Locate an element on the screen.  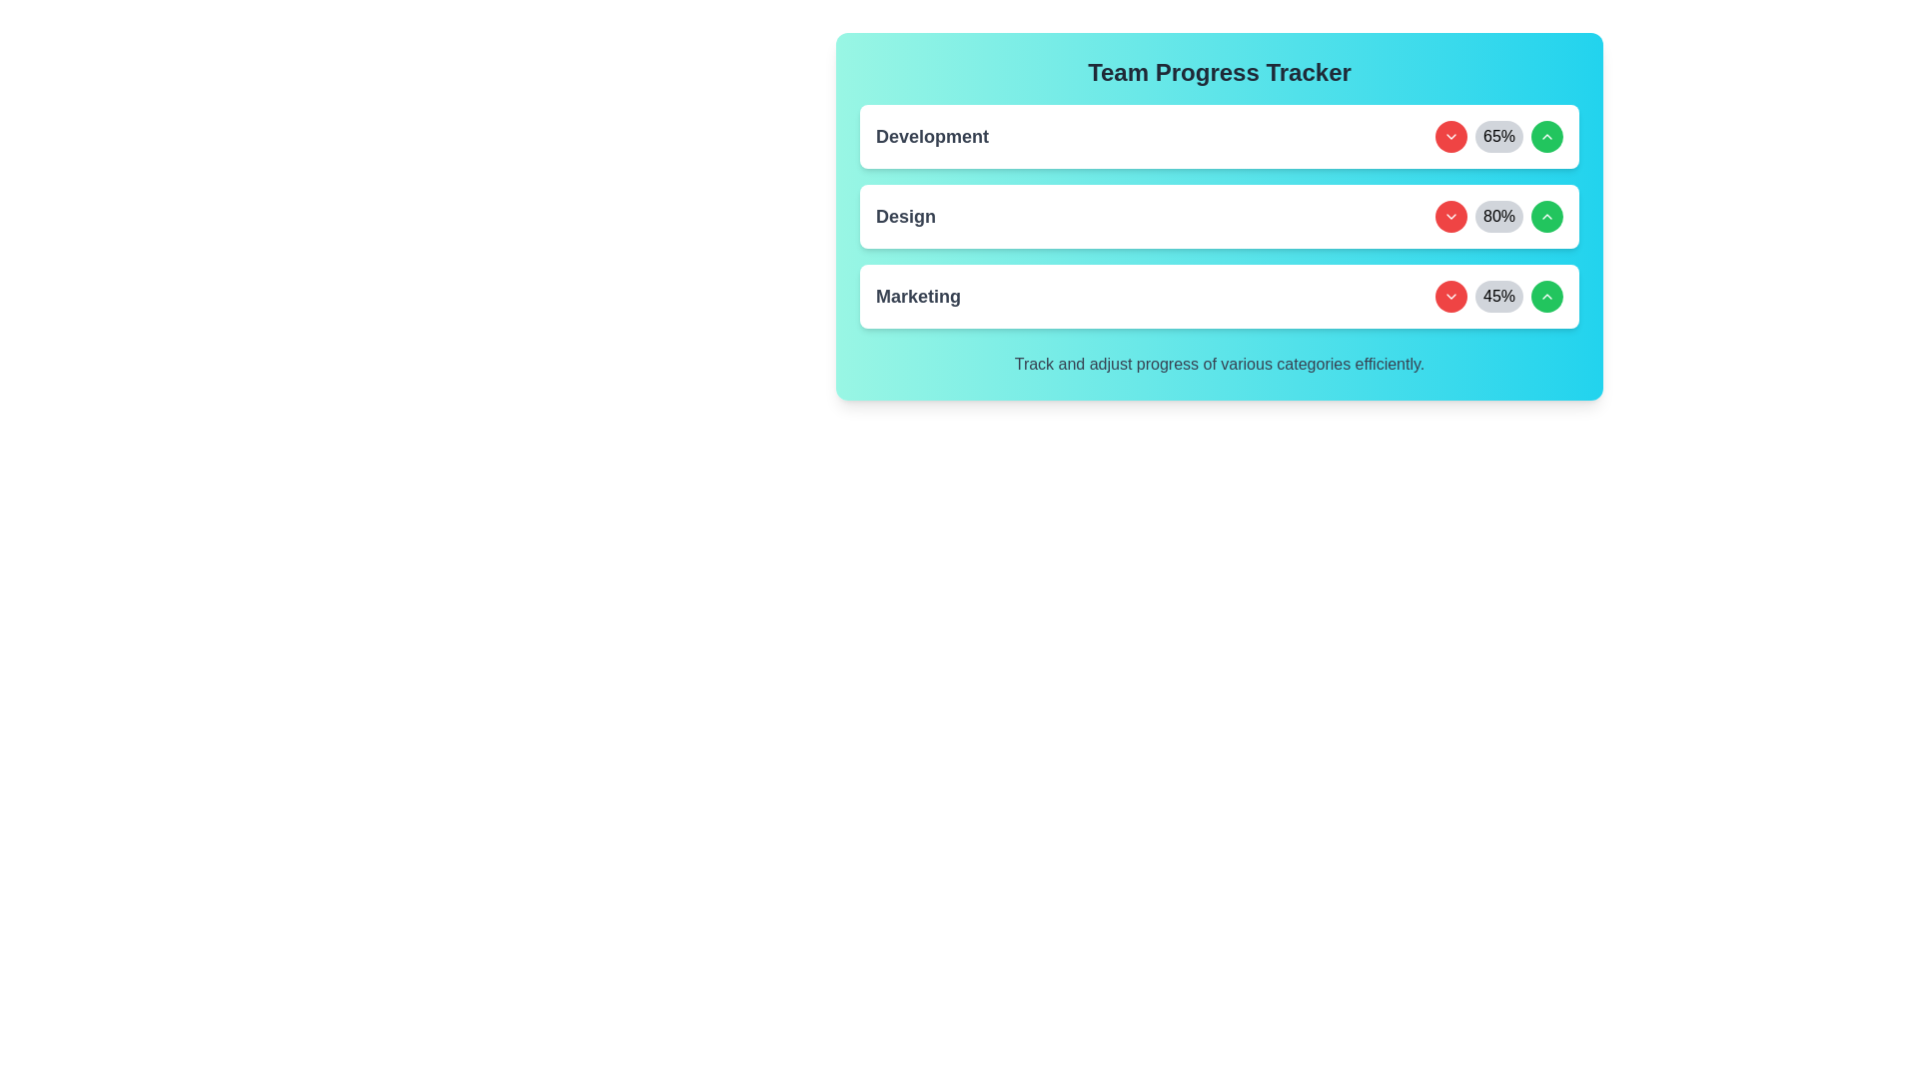
the chevron-up icon within the green circular button located at the far right end of the 'Marketing' progress row is located at coordinates (1546, 136).